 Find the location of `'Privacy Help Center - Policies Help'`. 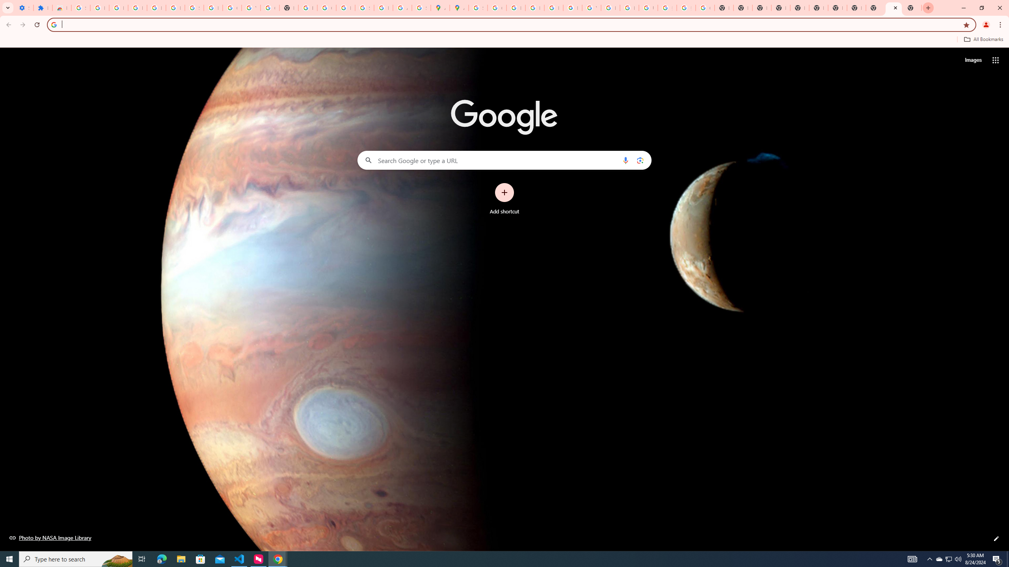

'Privacy Help Center - Policies Help' is located at coordinates (534, 7).